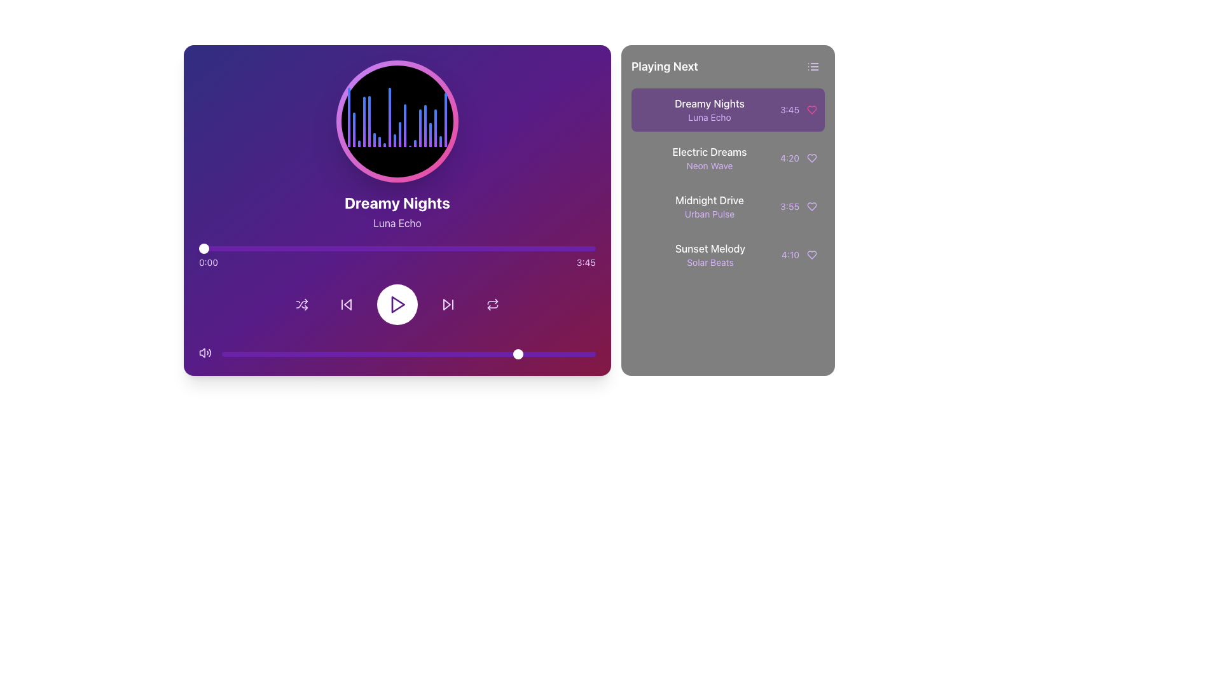 The width and height of the screenshot is (1221, 687). What do you see at coordinates (789, 158) in the screenshot?
I see `the duration displayed in the text label for the song 'Electric Dreams' by 'Neon Wave', located in the 'Playing Next' list on the right panel` at bounding box center [789, 158].